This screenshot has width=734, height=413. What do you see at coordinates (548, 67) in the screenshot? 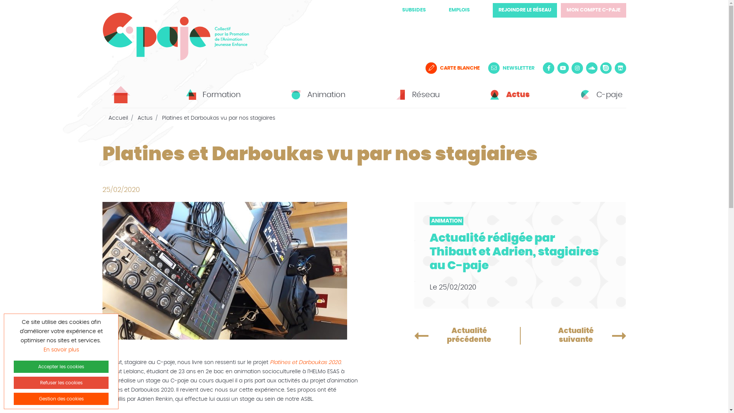
I see `'Facebook'` at bounding box center [548, 67].